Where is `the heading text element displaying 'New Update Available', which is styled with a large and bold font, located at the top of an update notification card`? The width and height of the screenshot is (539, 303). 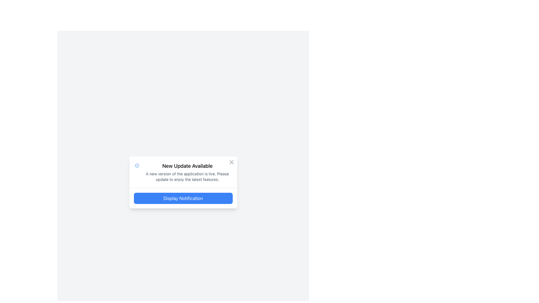 the heading text element displaying 'New Update Available', which is styled with a large and bold font, located at the top of an update notification card is located at coordinates (187, 166).